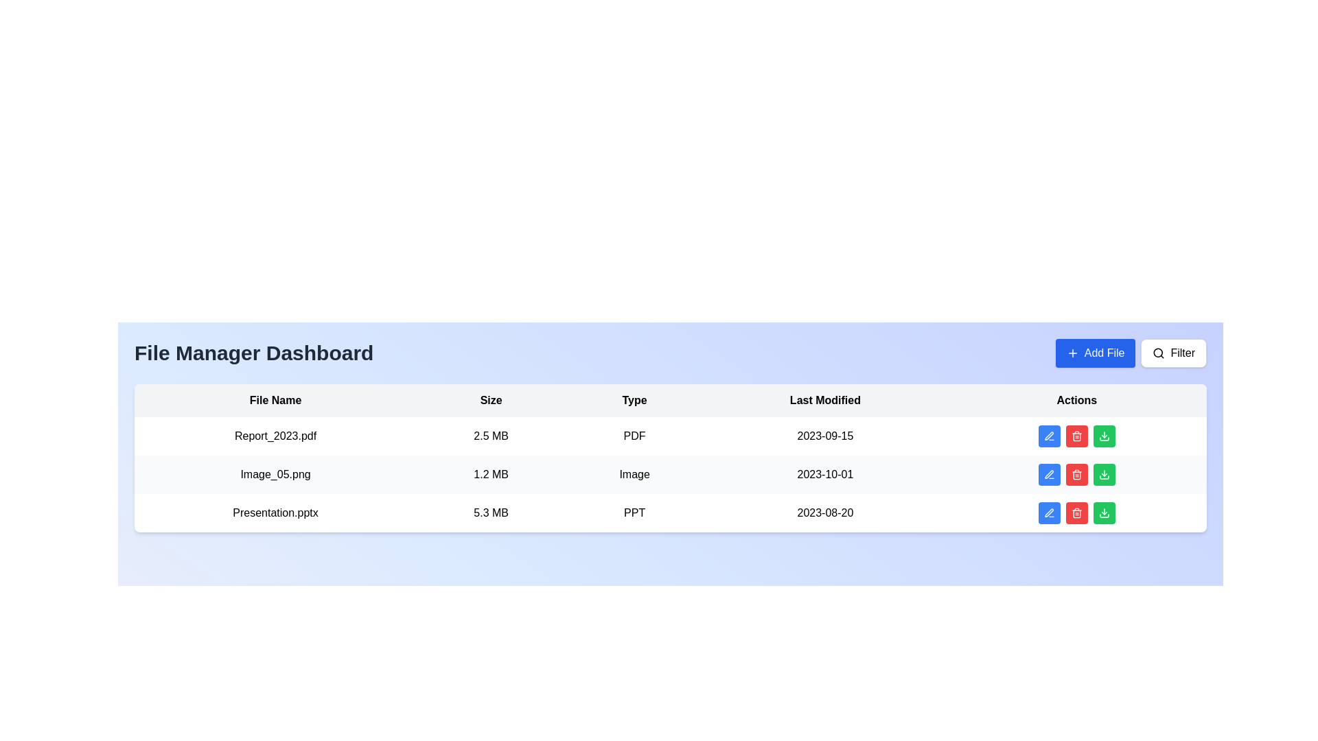 This screenshot has height=741, width=1318. I want to click on the Text Label indicating the last modification date of the document 'Presentation.pptx' in the fourth column of the data table, so click(824, 513).